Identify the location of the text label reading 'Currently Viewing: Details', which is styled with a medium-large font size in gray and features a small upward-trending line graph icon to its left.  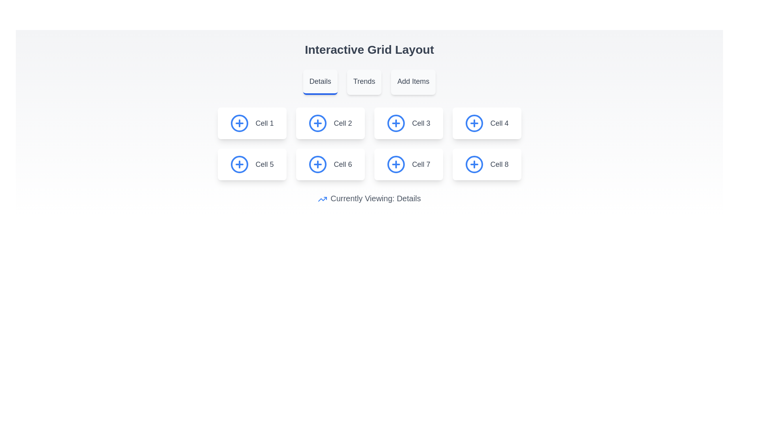
(369, 198).